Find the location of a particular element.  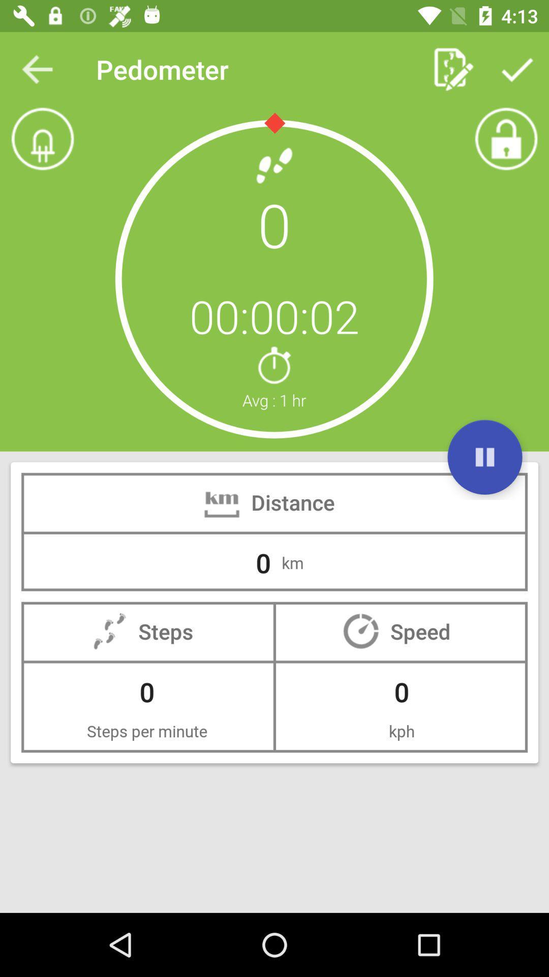

the pause icon is located at coordinates (484, 456).